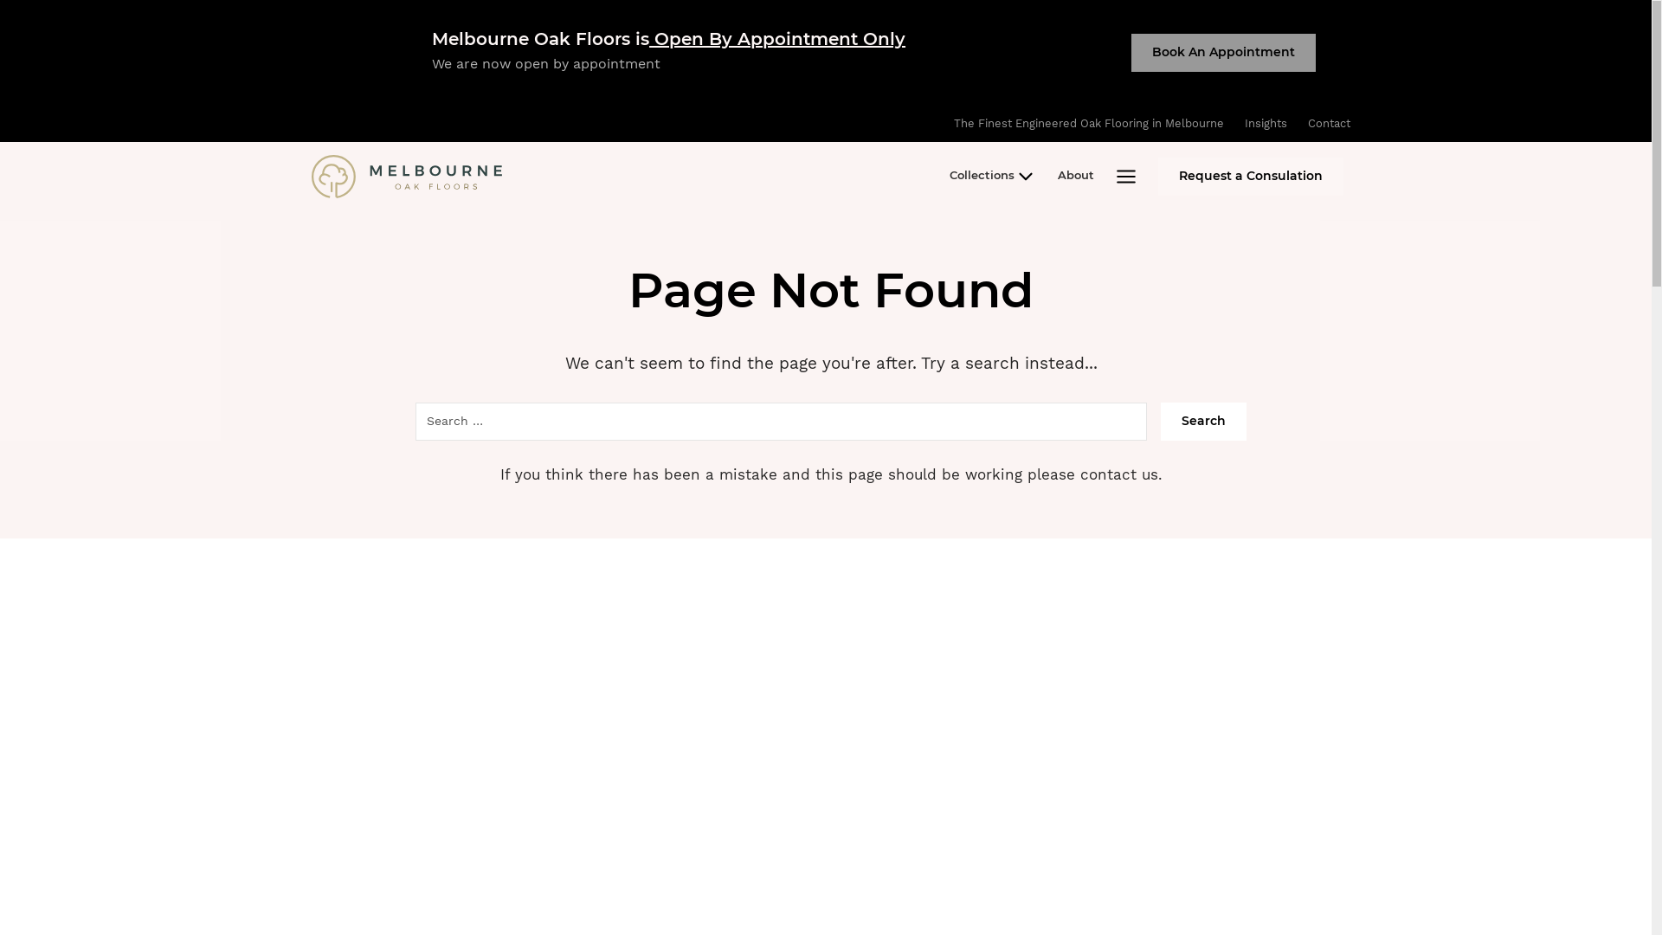 Image resolution: width=1662 pixels, height=935 pixels. I want to click on 'Request a Consulation', so click(1250, 177).